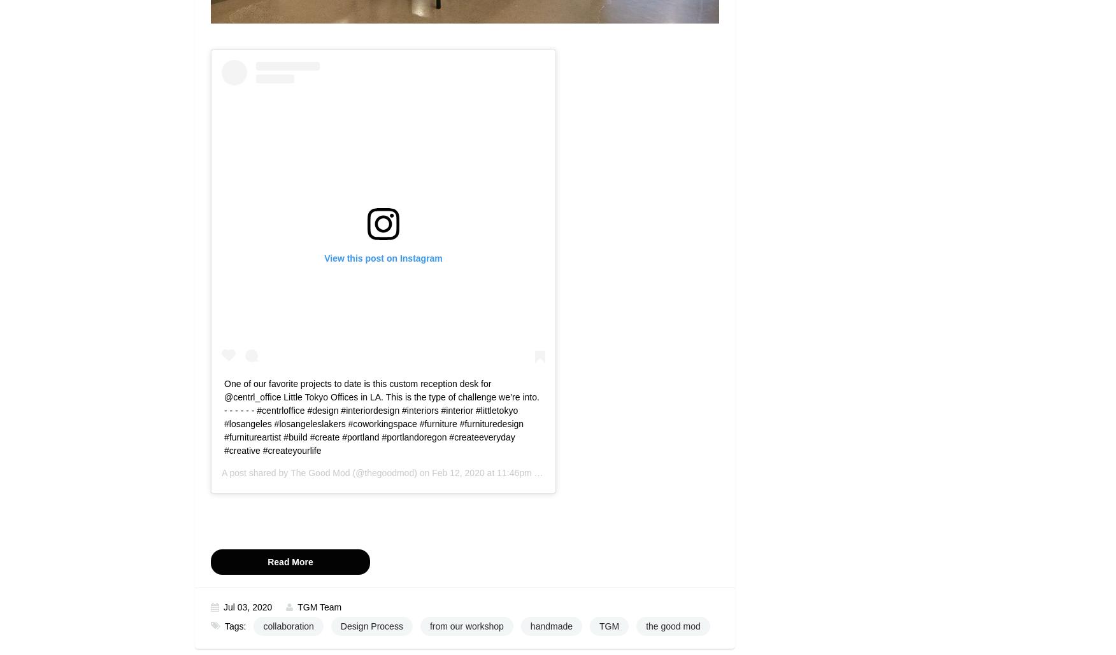 This screenshot has height=655, width=1116. What do you see at coordinates (390, 473) in the screenshot?
I see `'(@thegoodmod) on'` at bounding box center [390, 473].